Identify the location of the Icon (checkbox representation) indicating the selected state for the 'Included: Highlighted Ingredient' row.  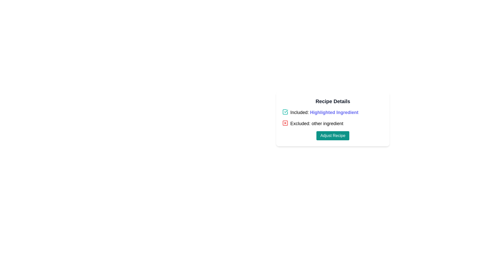
(285, 112).